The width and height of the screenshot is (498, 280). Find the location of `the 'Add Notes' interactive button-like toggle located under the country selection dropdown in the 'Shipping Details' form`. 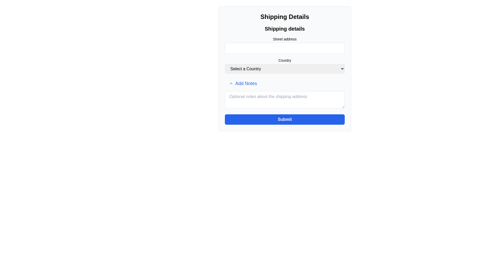

the 'Add Notes' interactive button-like toggle located under the country selection dropdown in the 'Shipping Details' form is located at coordinates (243, 83).